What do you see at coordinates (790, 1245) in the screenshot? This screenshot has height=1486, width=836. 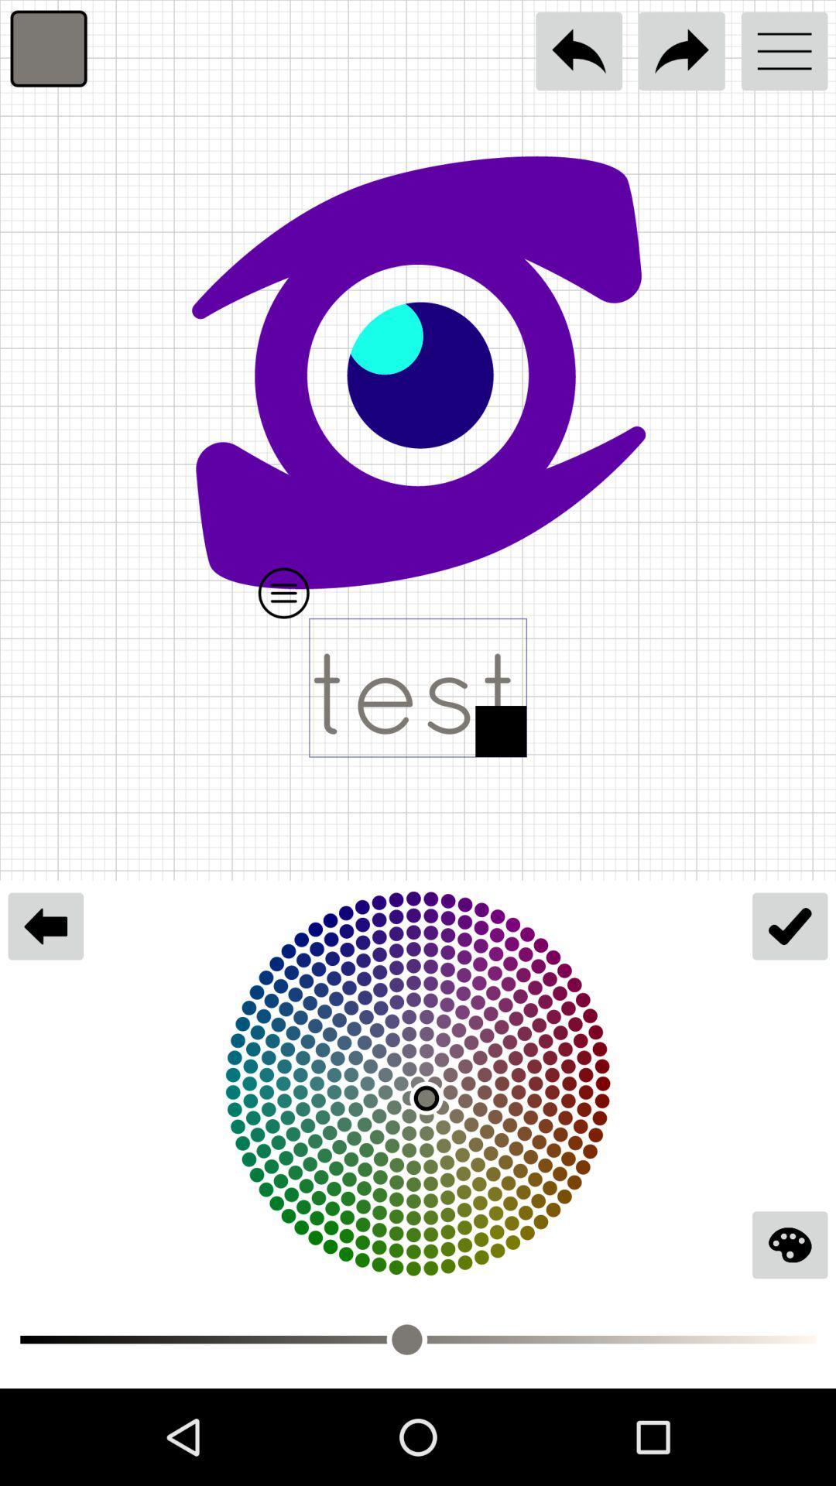 I see `the globe icon` at bounding box center [790, 1245].